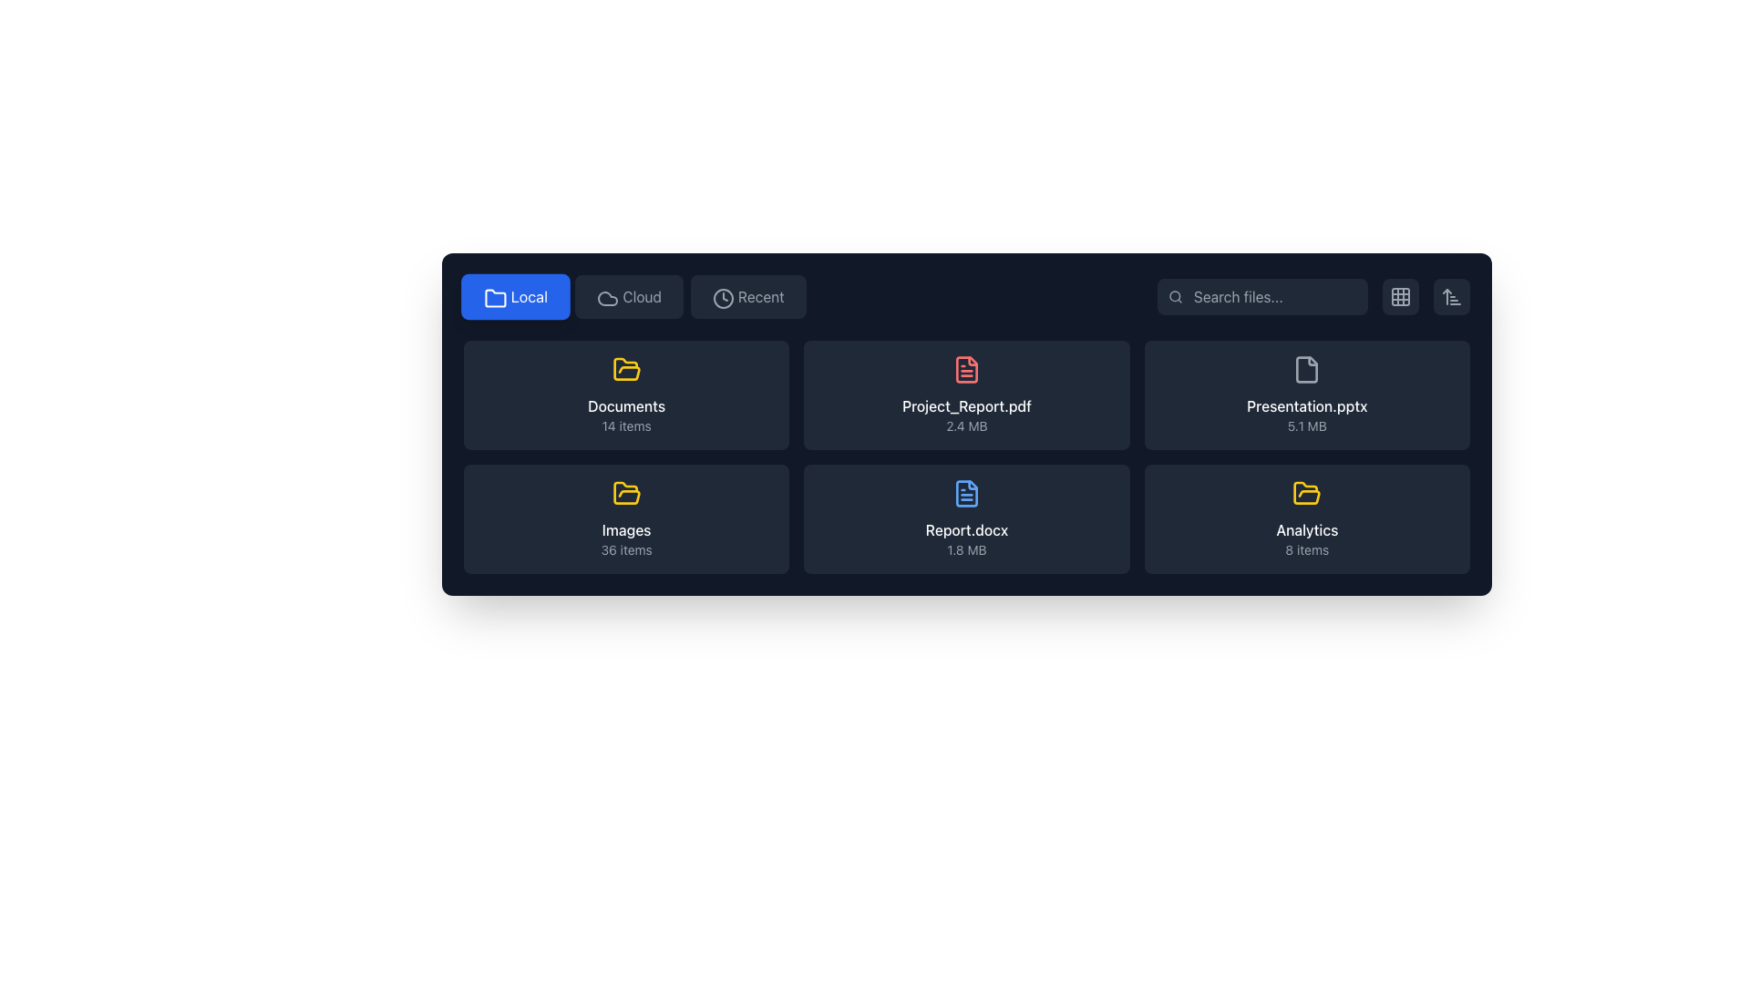 This screenshot has width=1750, height=984. What do you see at coordinates (965, 530) in the screenshot?
I see `the text label displaying the file name 'Report.docx'` at bounding box center [965, 530].